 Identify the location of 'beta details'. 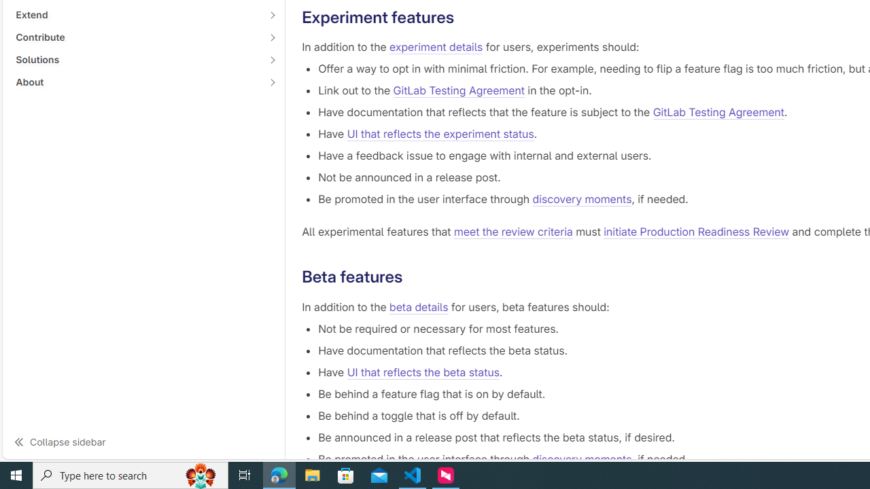
(418, 306).